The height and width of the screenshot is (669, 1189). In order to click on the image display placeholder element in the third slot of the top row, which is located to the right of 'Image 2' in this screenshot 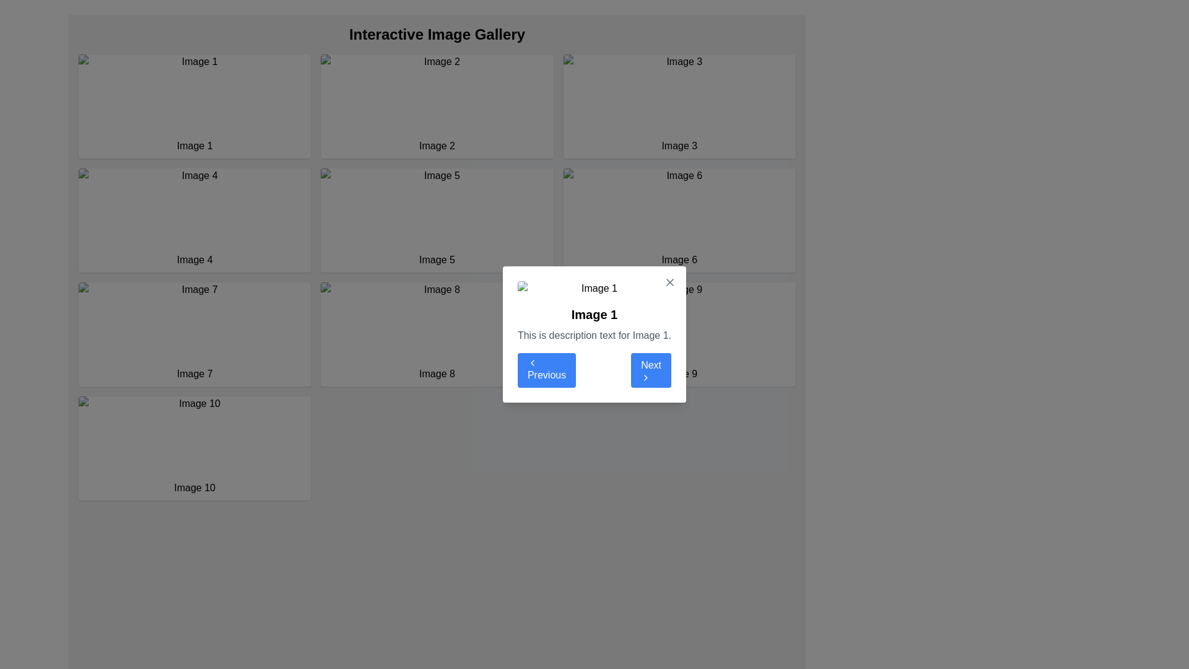, I will do `click(679, 93)`.